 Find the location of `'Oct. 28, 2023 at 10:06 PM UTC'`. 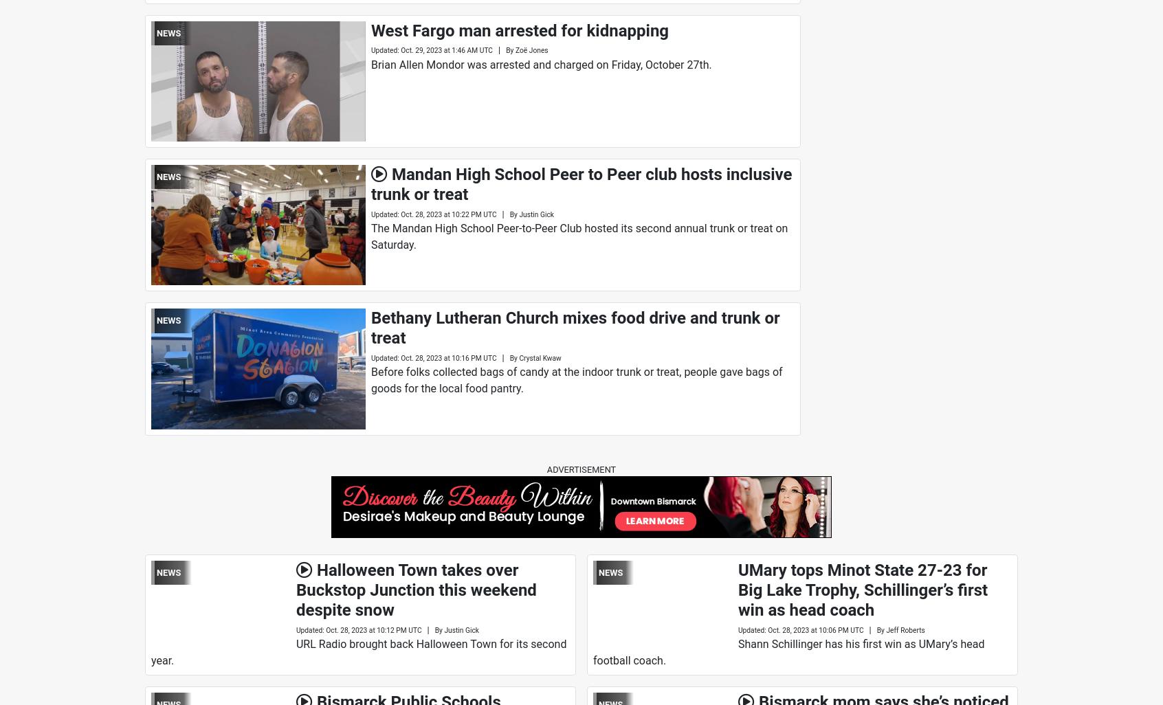

'Oct. 28, 2023 at 10:06 PM UTC' is located at coordinates (815, 629).